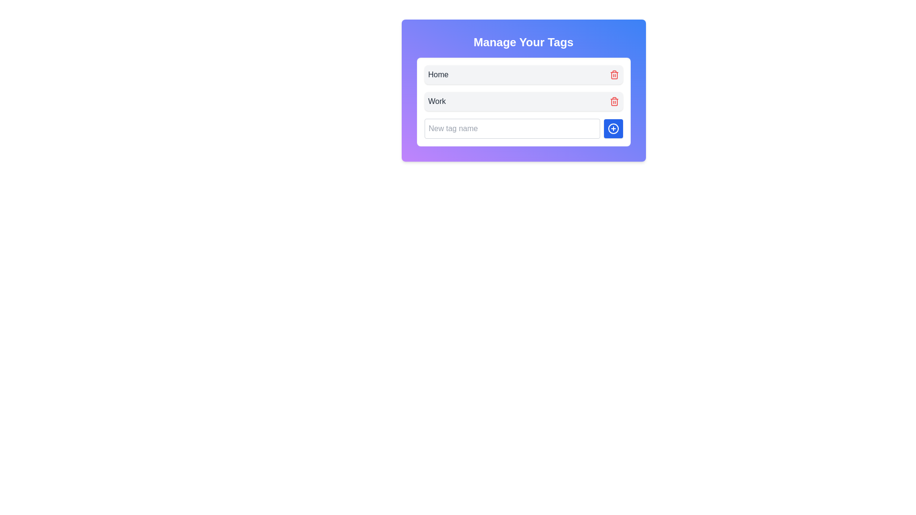 The image size is (916, 515). Describe the element at coordinates (523, 101) in the screenshot. I see `the 'Work' tag element` at that location.